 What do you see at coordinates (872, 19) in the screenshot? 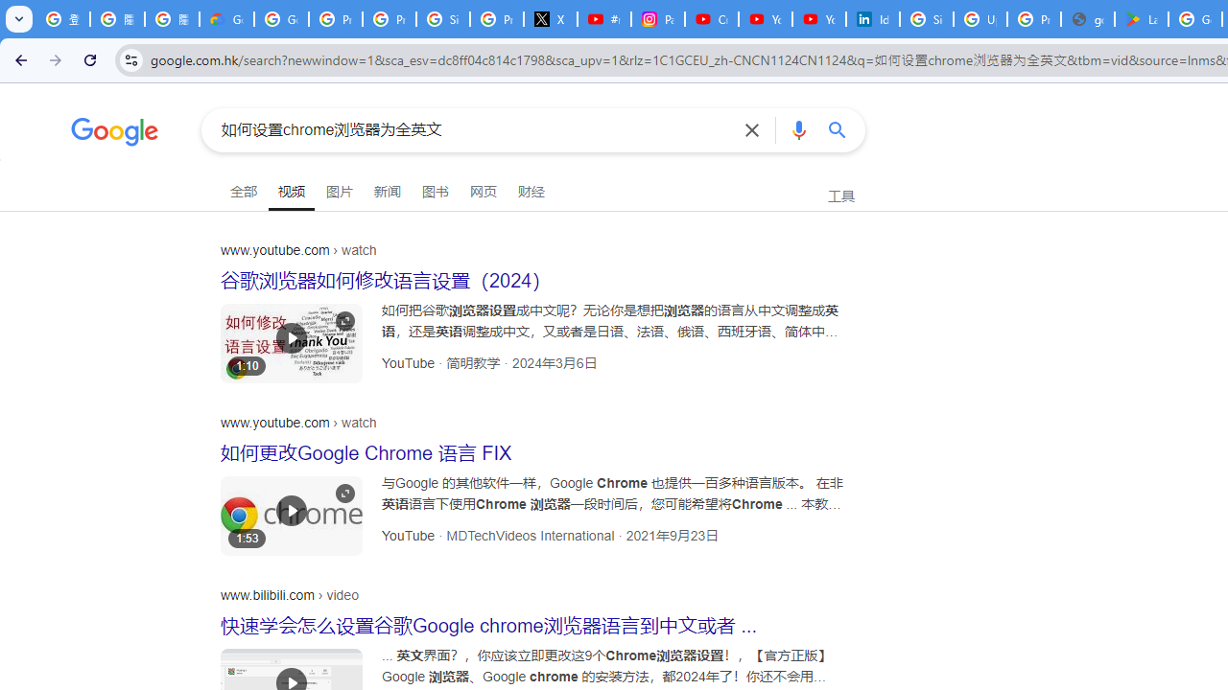
I see `'Identity verification via Persona | LinkedIn Help'` at bounding box center [872, 19].